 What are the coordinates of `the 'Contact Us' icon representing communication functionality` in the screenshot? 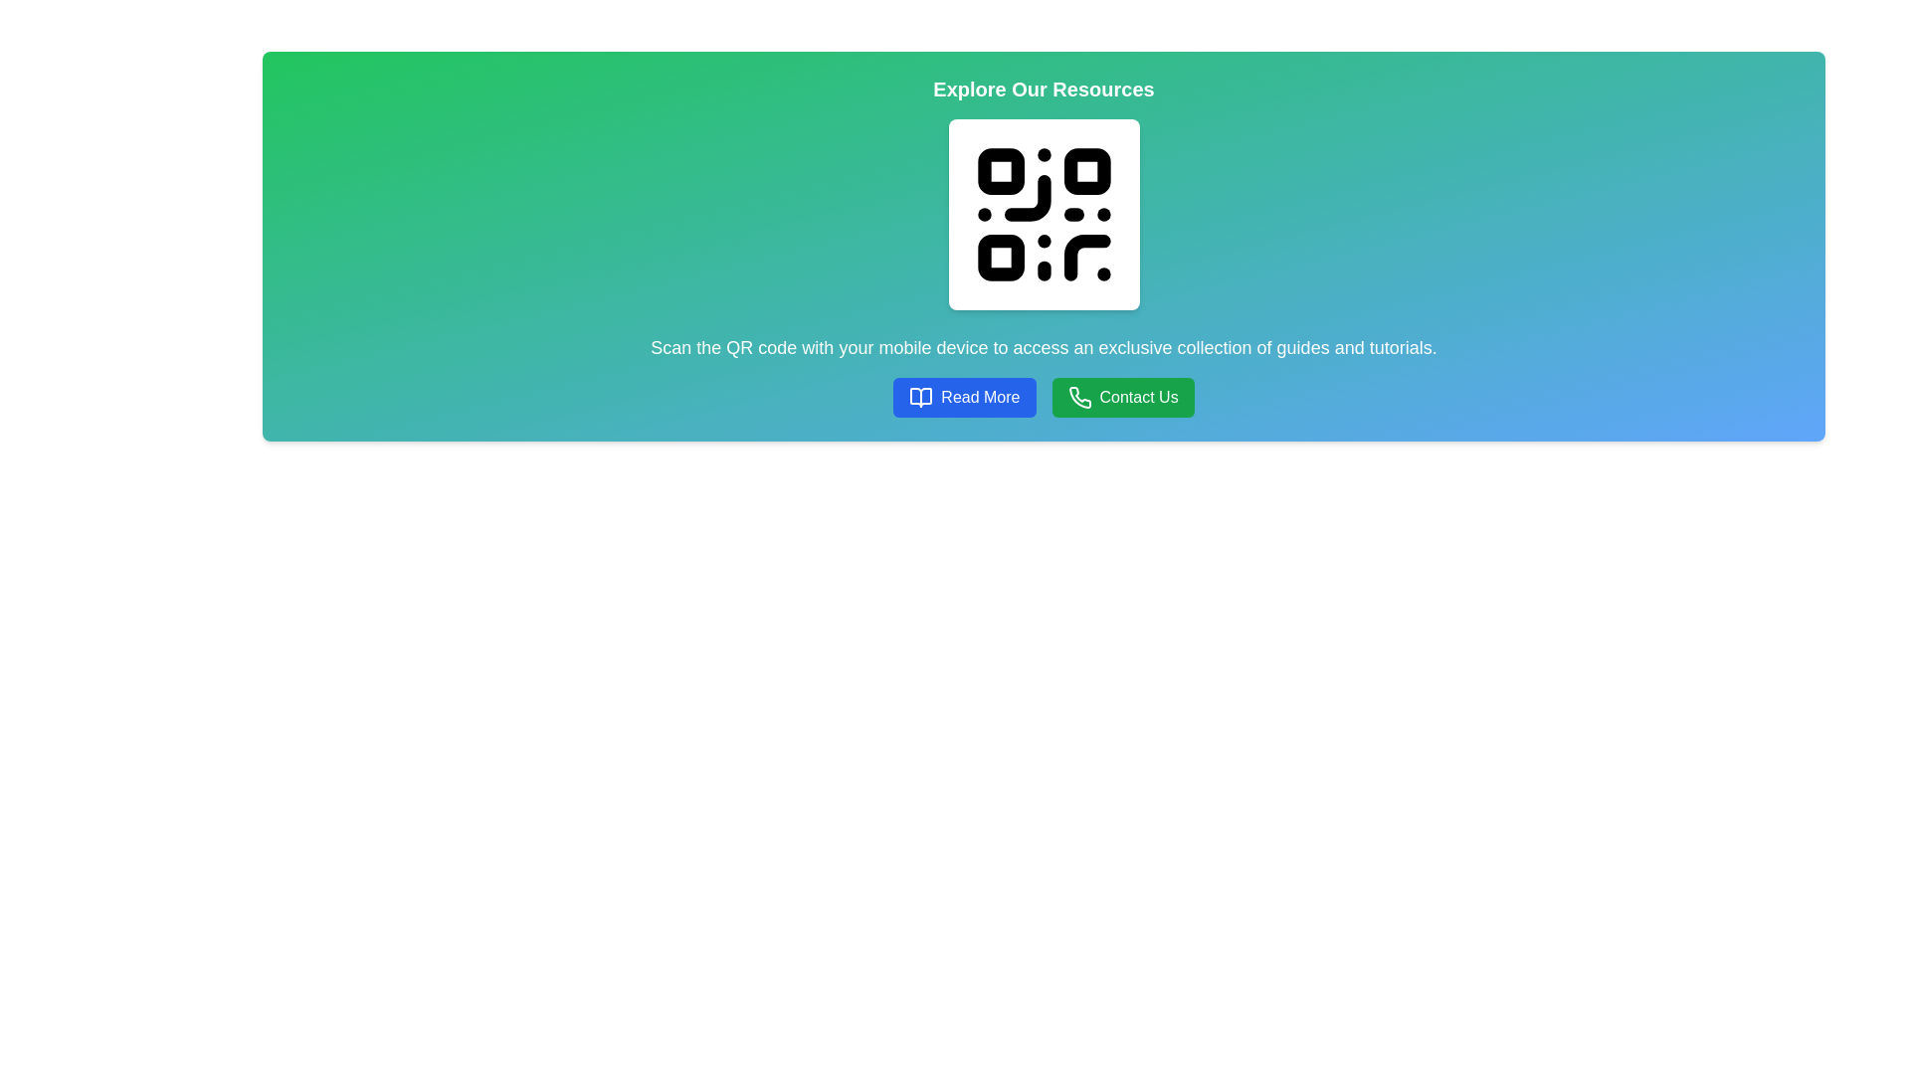 It's located at (1078, 398).